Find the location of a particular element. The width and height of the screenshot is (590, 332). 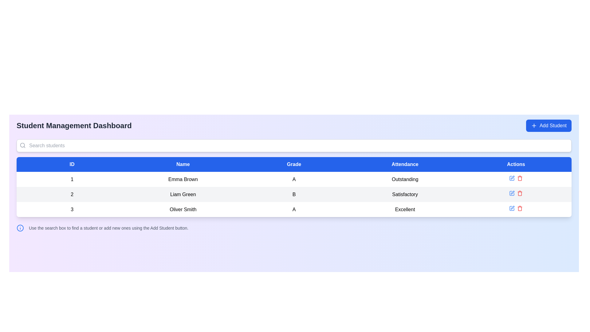

the trash icon in the Interactive control group for the student record of 'Liam Green' is located at coordinates (516, 194).